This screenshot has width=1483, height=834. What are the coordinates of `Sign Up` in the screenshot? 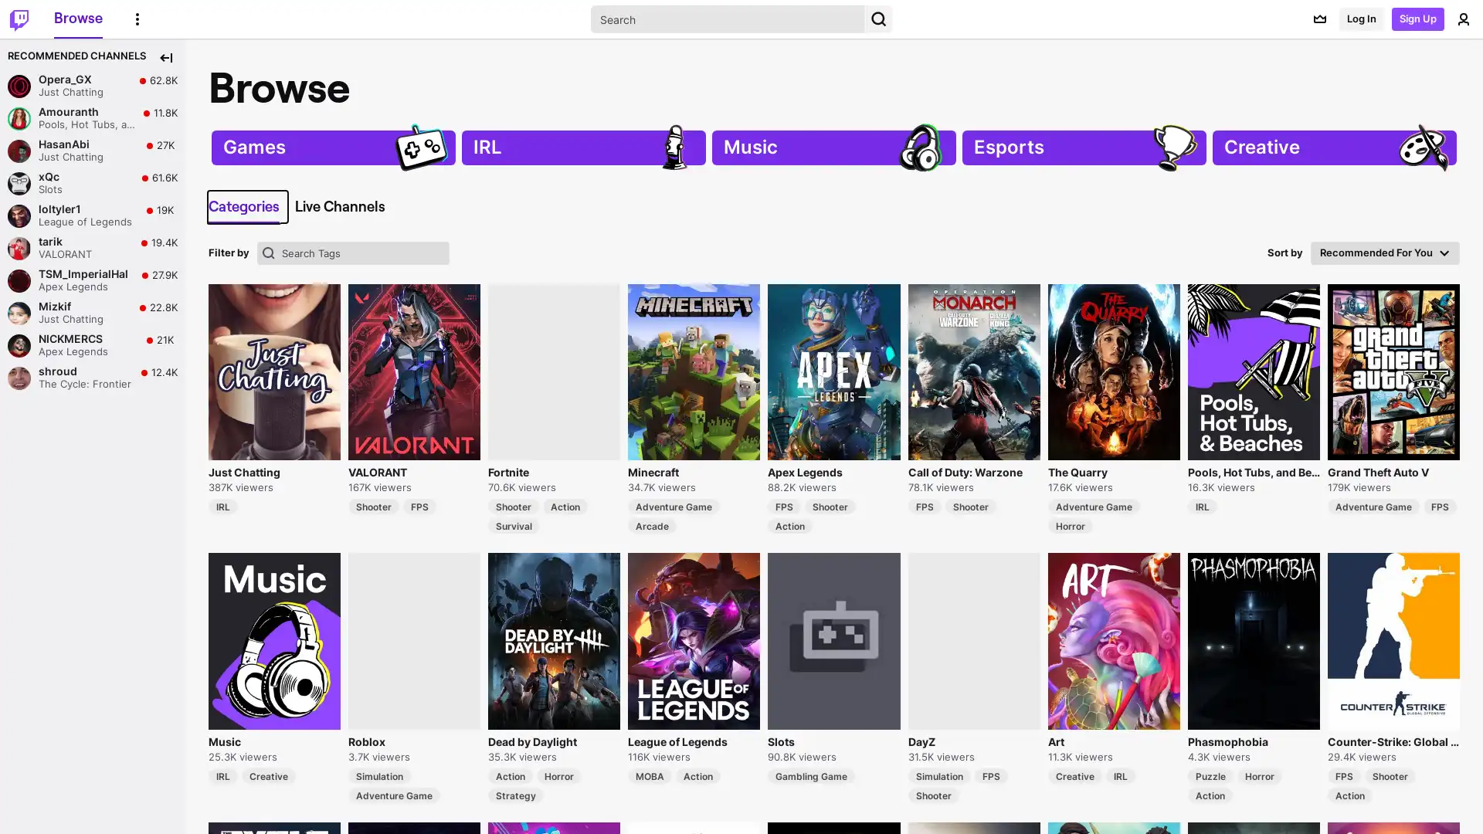 It's located at (1410, 809).